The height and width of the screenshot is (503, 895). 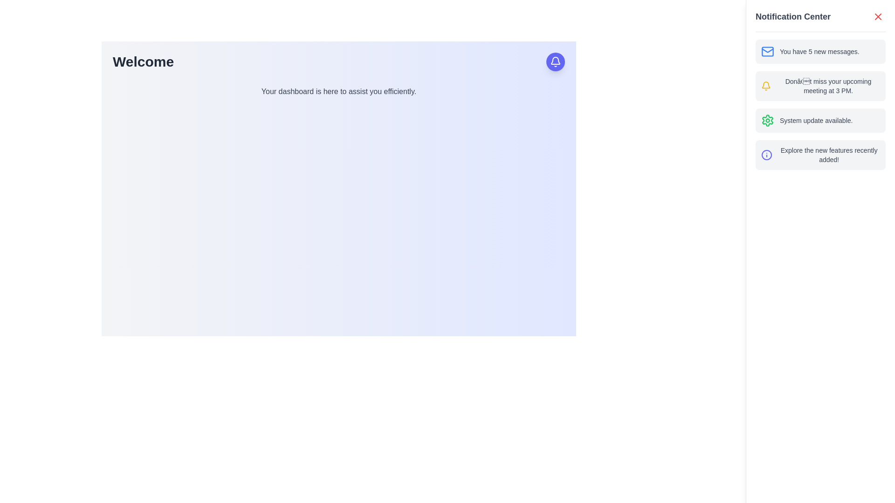 I want to click on the yellow bell icon located to the left of the text 'Don’t miss your upcoming meeting at 3 PM.' in the notification section, so click(x=766, y=86).